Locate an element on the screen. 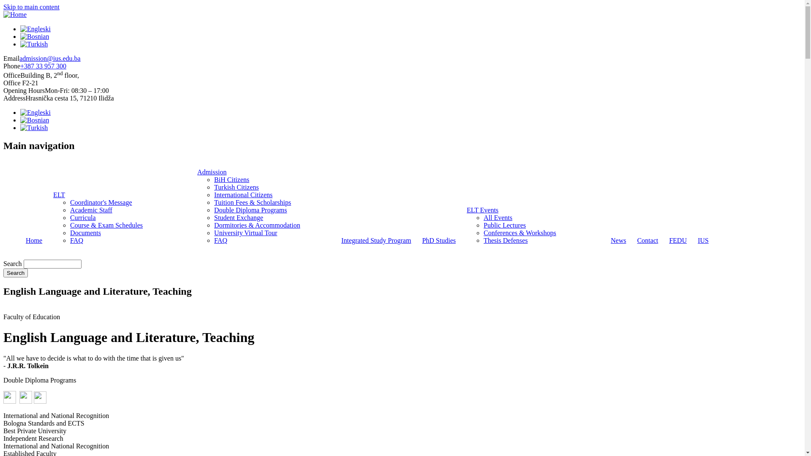 This screenshot has width=811, height=456. 'Enter the terms you wish to search for.' is located at coordinates (52, 263).